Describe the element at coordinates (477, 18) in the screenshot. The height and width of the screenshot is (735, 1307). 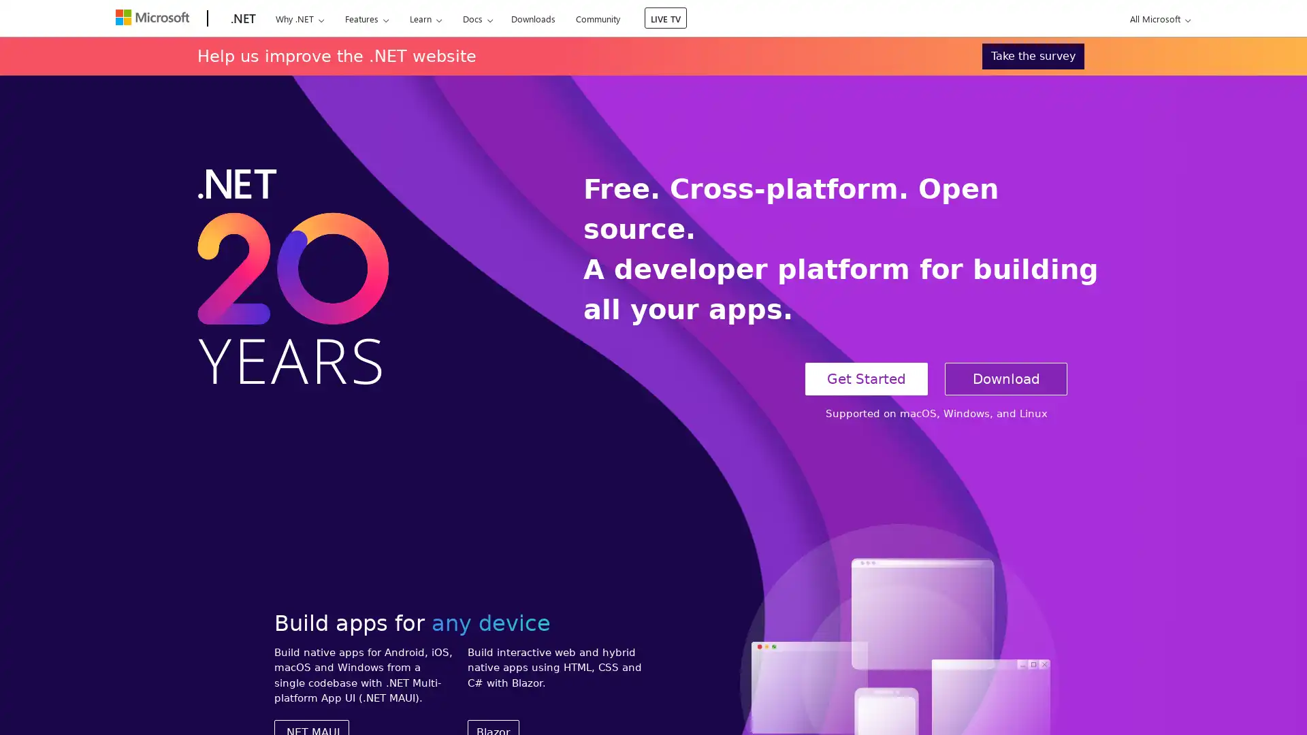
I see `Docs` at that location.